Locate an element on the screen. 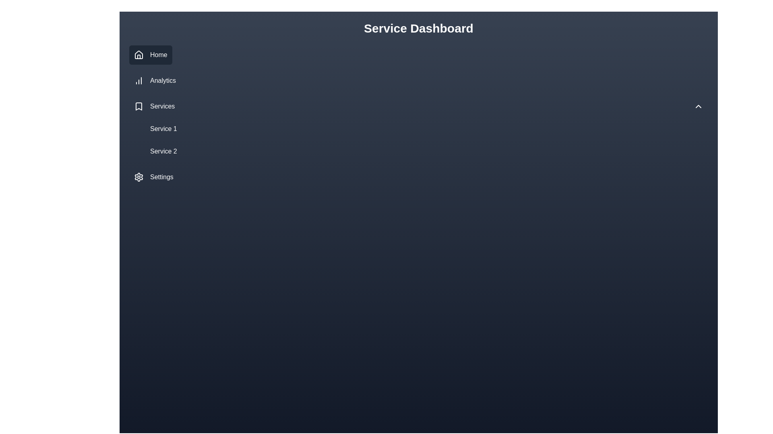  the 'Services' icon in the left vertical navigation panel is located at coordinates (139, 106).